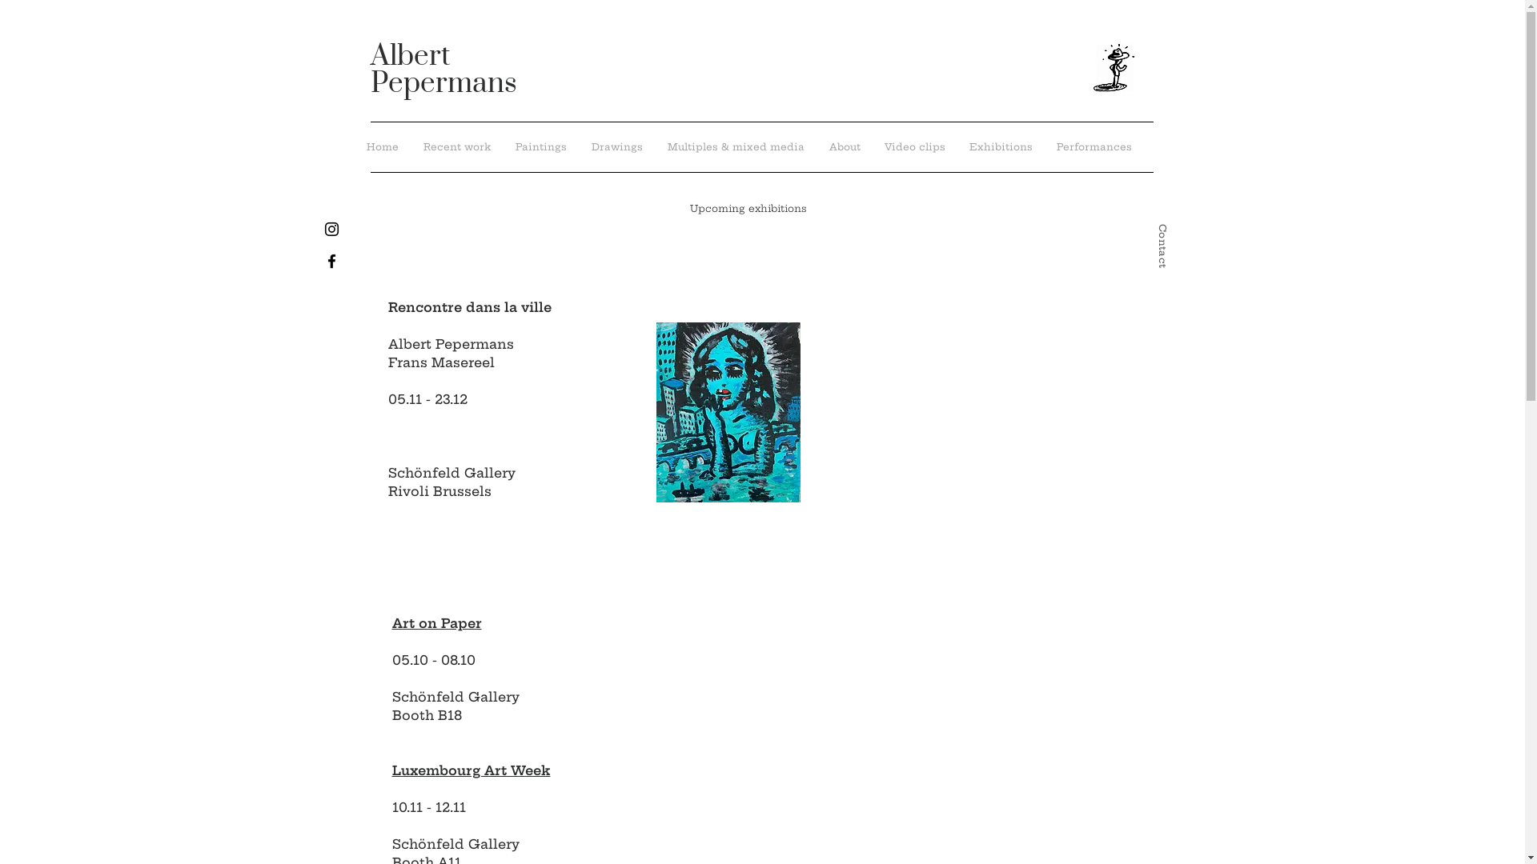  What do you see at coordinates (654, 147) in the screenshot?
I see `'Multiples & mixed media'` at bounding box center [654, 147].